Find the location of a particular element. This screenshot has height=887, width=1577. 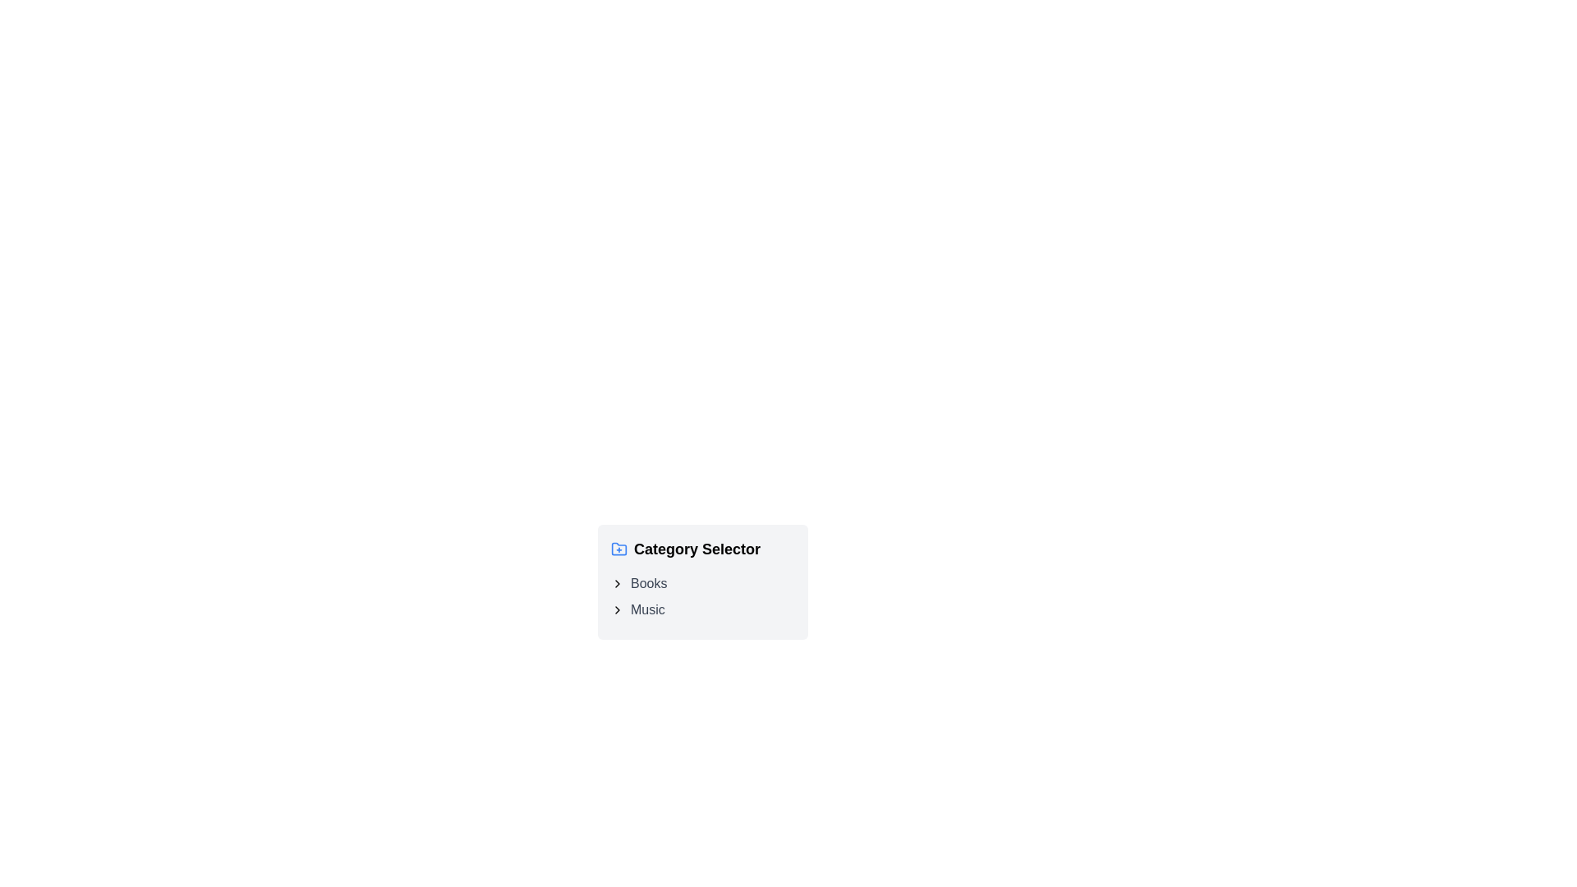

the blue folder icon with a plus sign located to the left of the 'Category Selector' label is located at coordinates (618, 549).